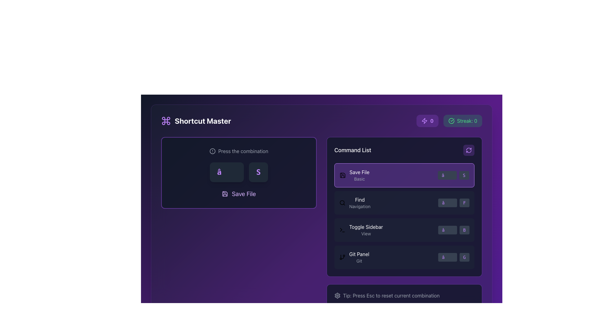  I want to click on the 'Find Navigation' command option text element located in the 'Command List' section, positioned between 'Save File' and 'Toggle Sidebar', so click(360, 203).